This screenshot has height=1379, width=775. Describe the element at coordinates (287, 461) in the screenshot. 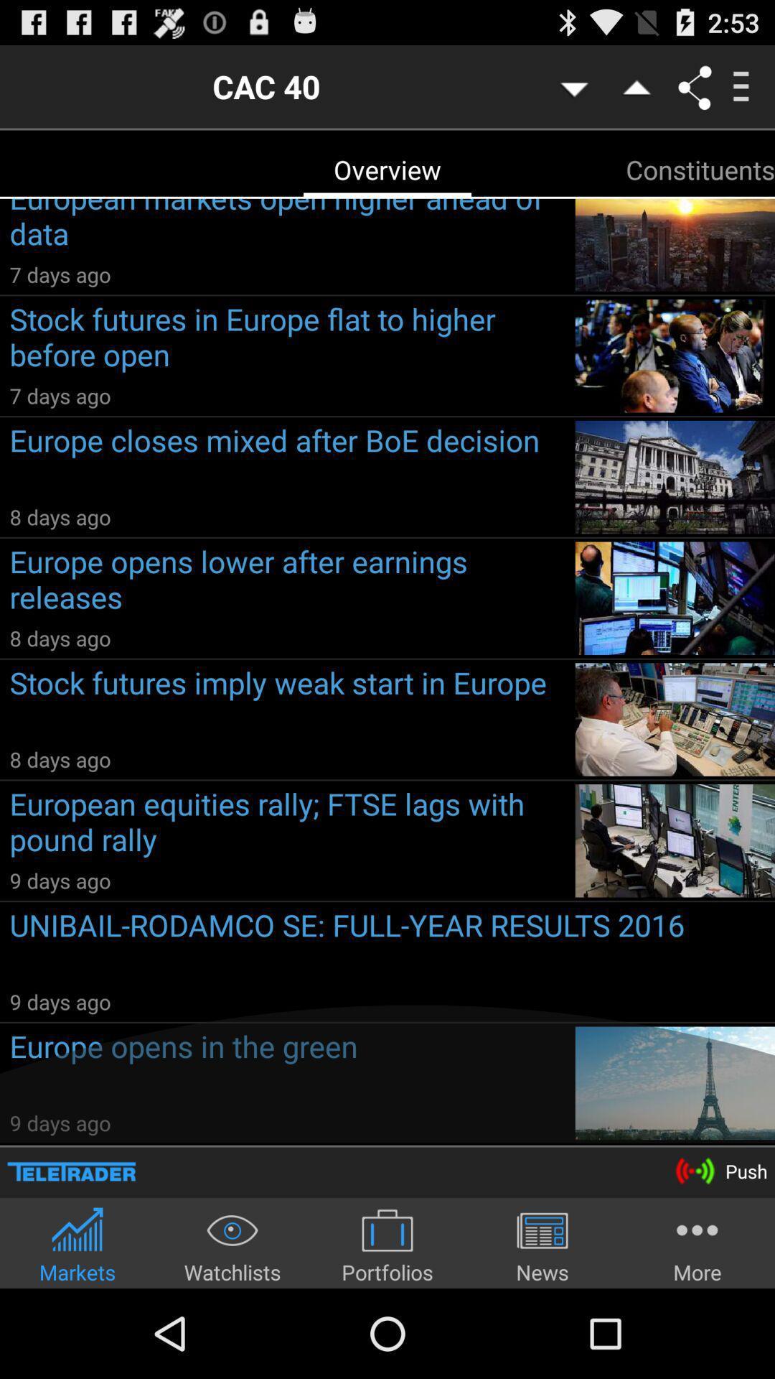

I see `europe closes mixed icon` at that location.